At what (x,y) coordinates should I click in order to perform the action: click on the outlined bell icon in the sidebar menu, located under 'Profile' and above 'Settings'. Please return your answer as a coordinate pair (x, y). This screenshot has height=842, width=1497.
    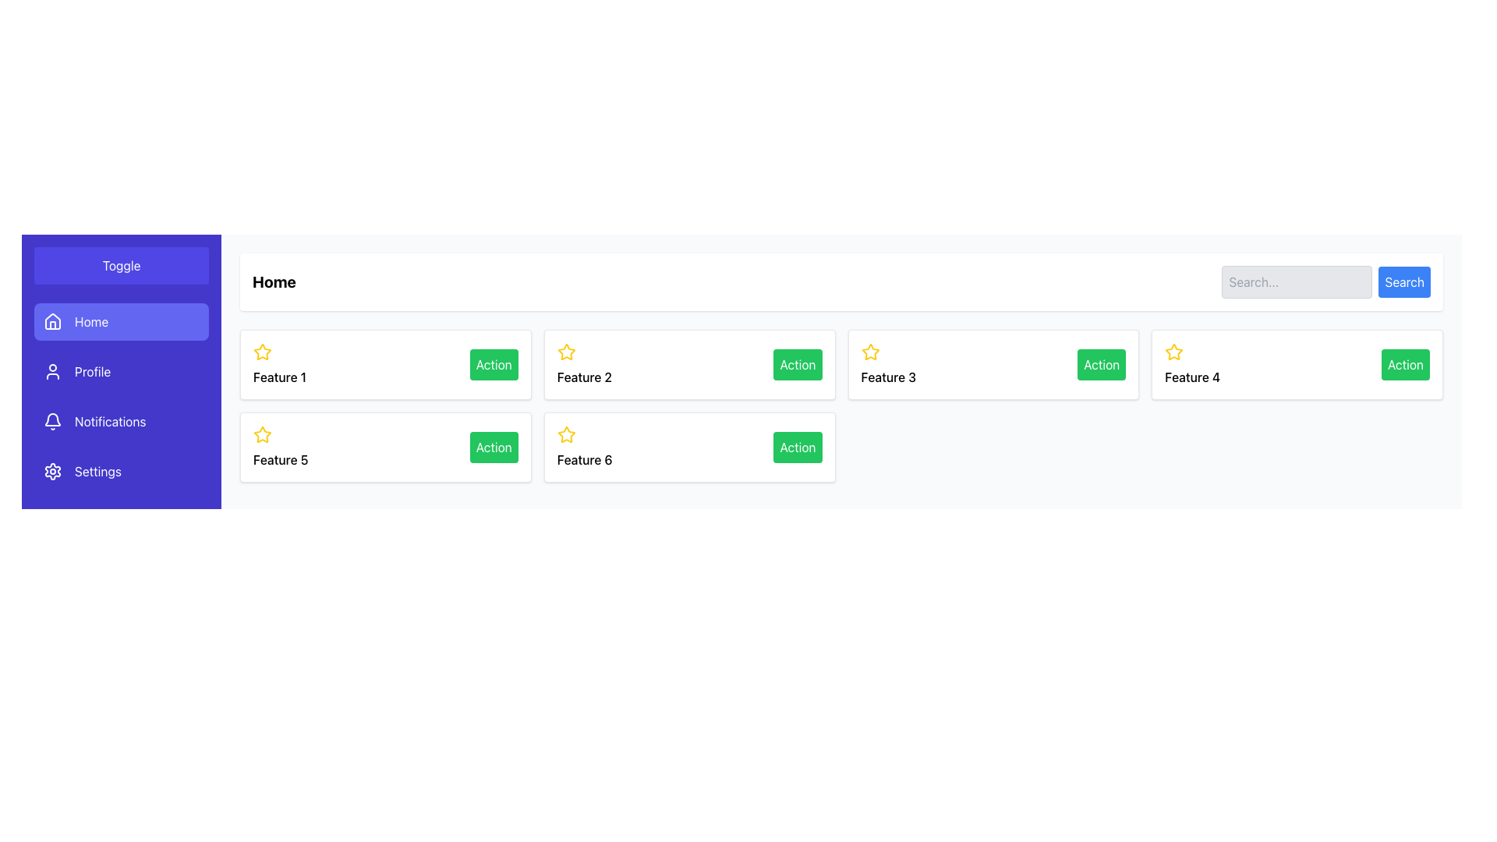
    Looking at the image, I should click on (52, 421).